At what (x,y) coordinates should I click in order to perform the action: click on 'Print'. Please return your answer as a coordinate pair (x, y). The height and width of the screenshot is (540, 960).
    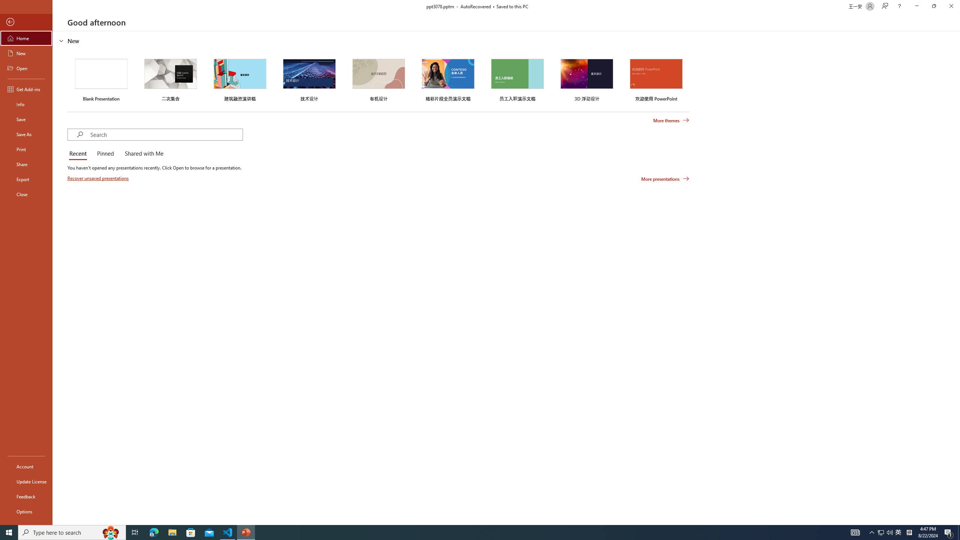
    Looking at the image, I should click on (26, 149).